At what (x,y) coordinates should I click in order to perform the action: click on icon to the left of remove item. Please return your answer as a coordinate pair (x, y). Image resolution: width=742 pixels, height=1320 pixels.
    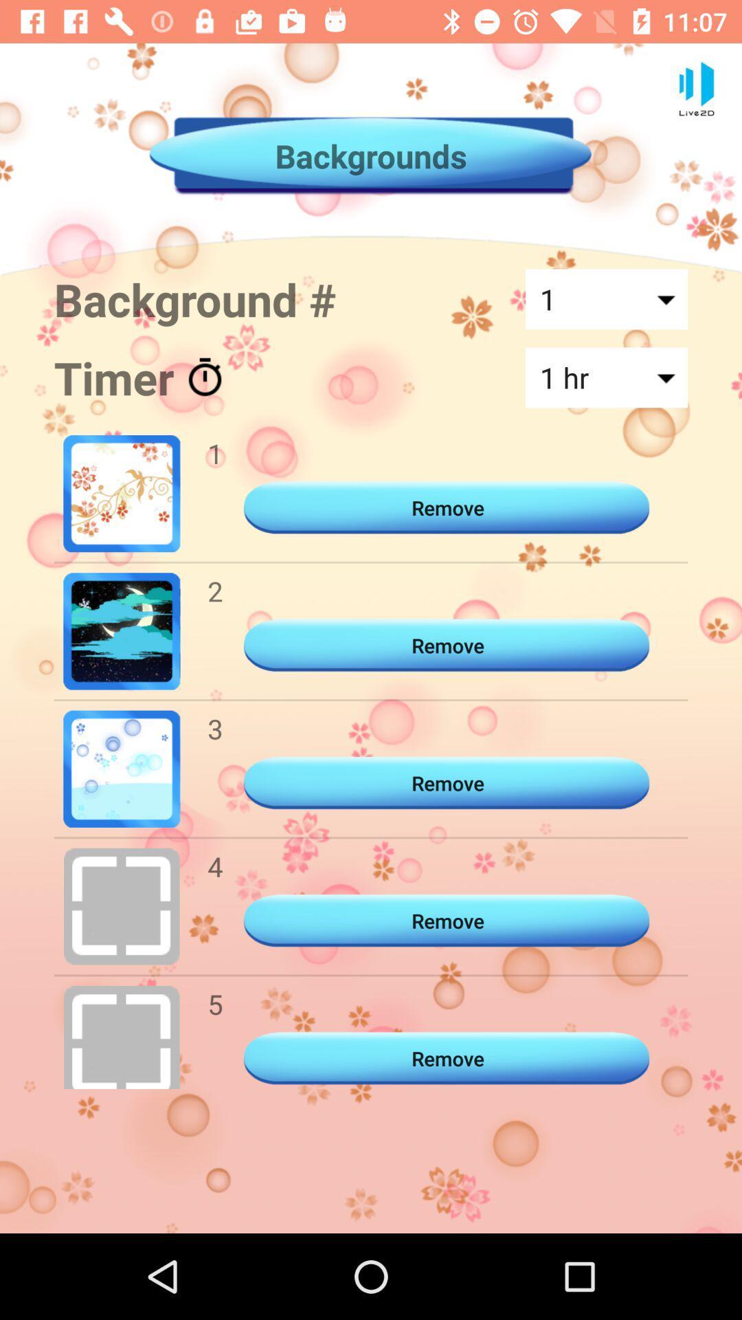
    Looking at the image, I should click on (215, 866).